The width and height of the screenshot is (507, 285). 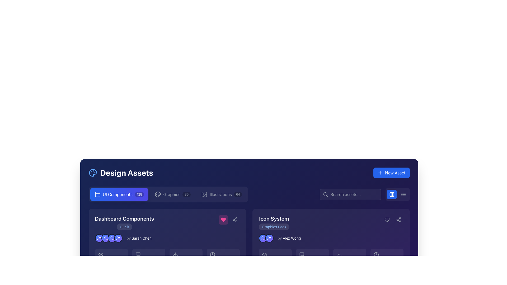 What do you see at coordinates (97, 194) in the screenshot?
I see `the 'UI Components' icon located in the top-left navigation bar labeled 'Design Assets'` at bounding box center [97, 194].